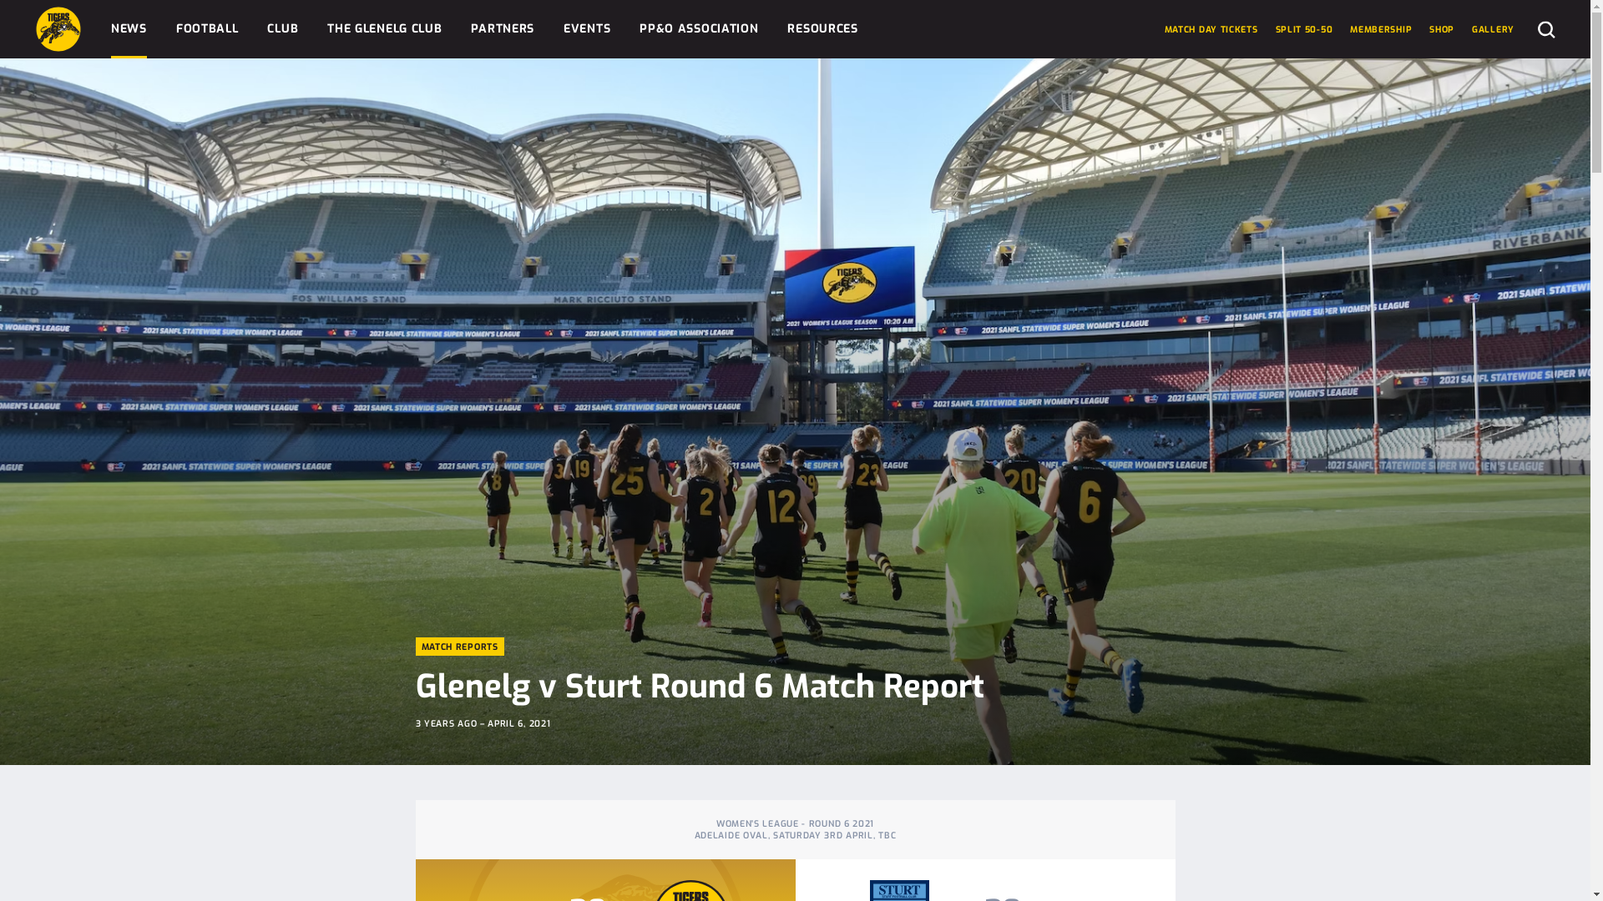 This screenshot has width=1603, height=901. I want to click on 'CLUB', so click(282, 28).